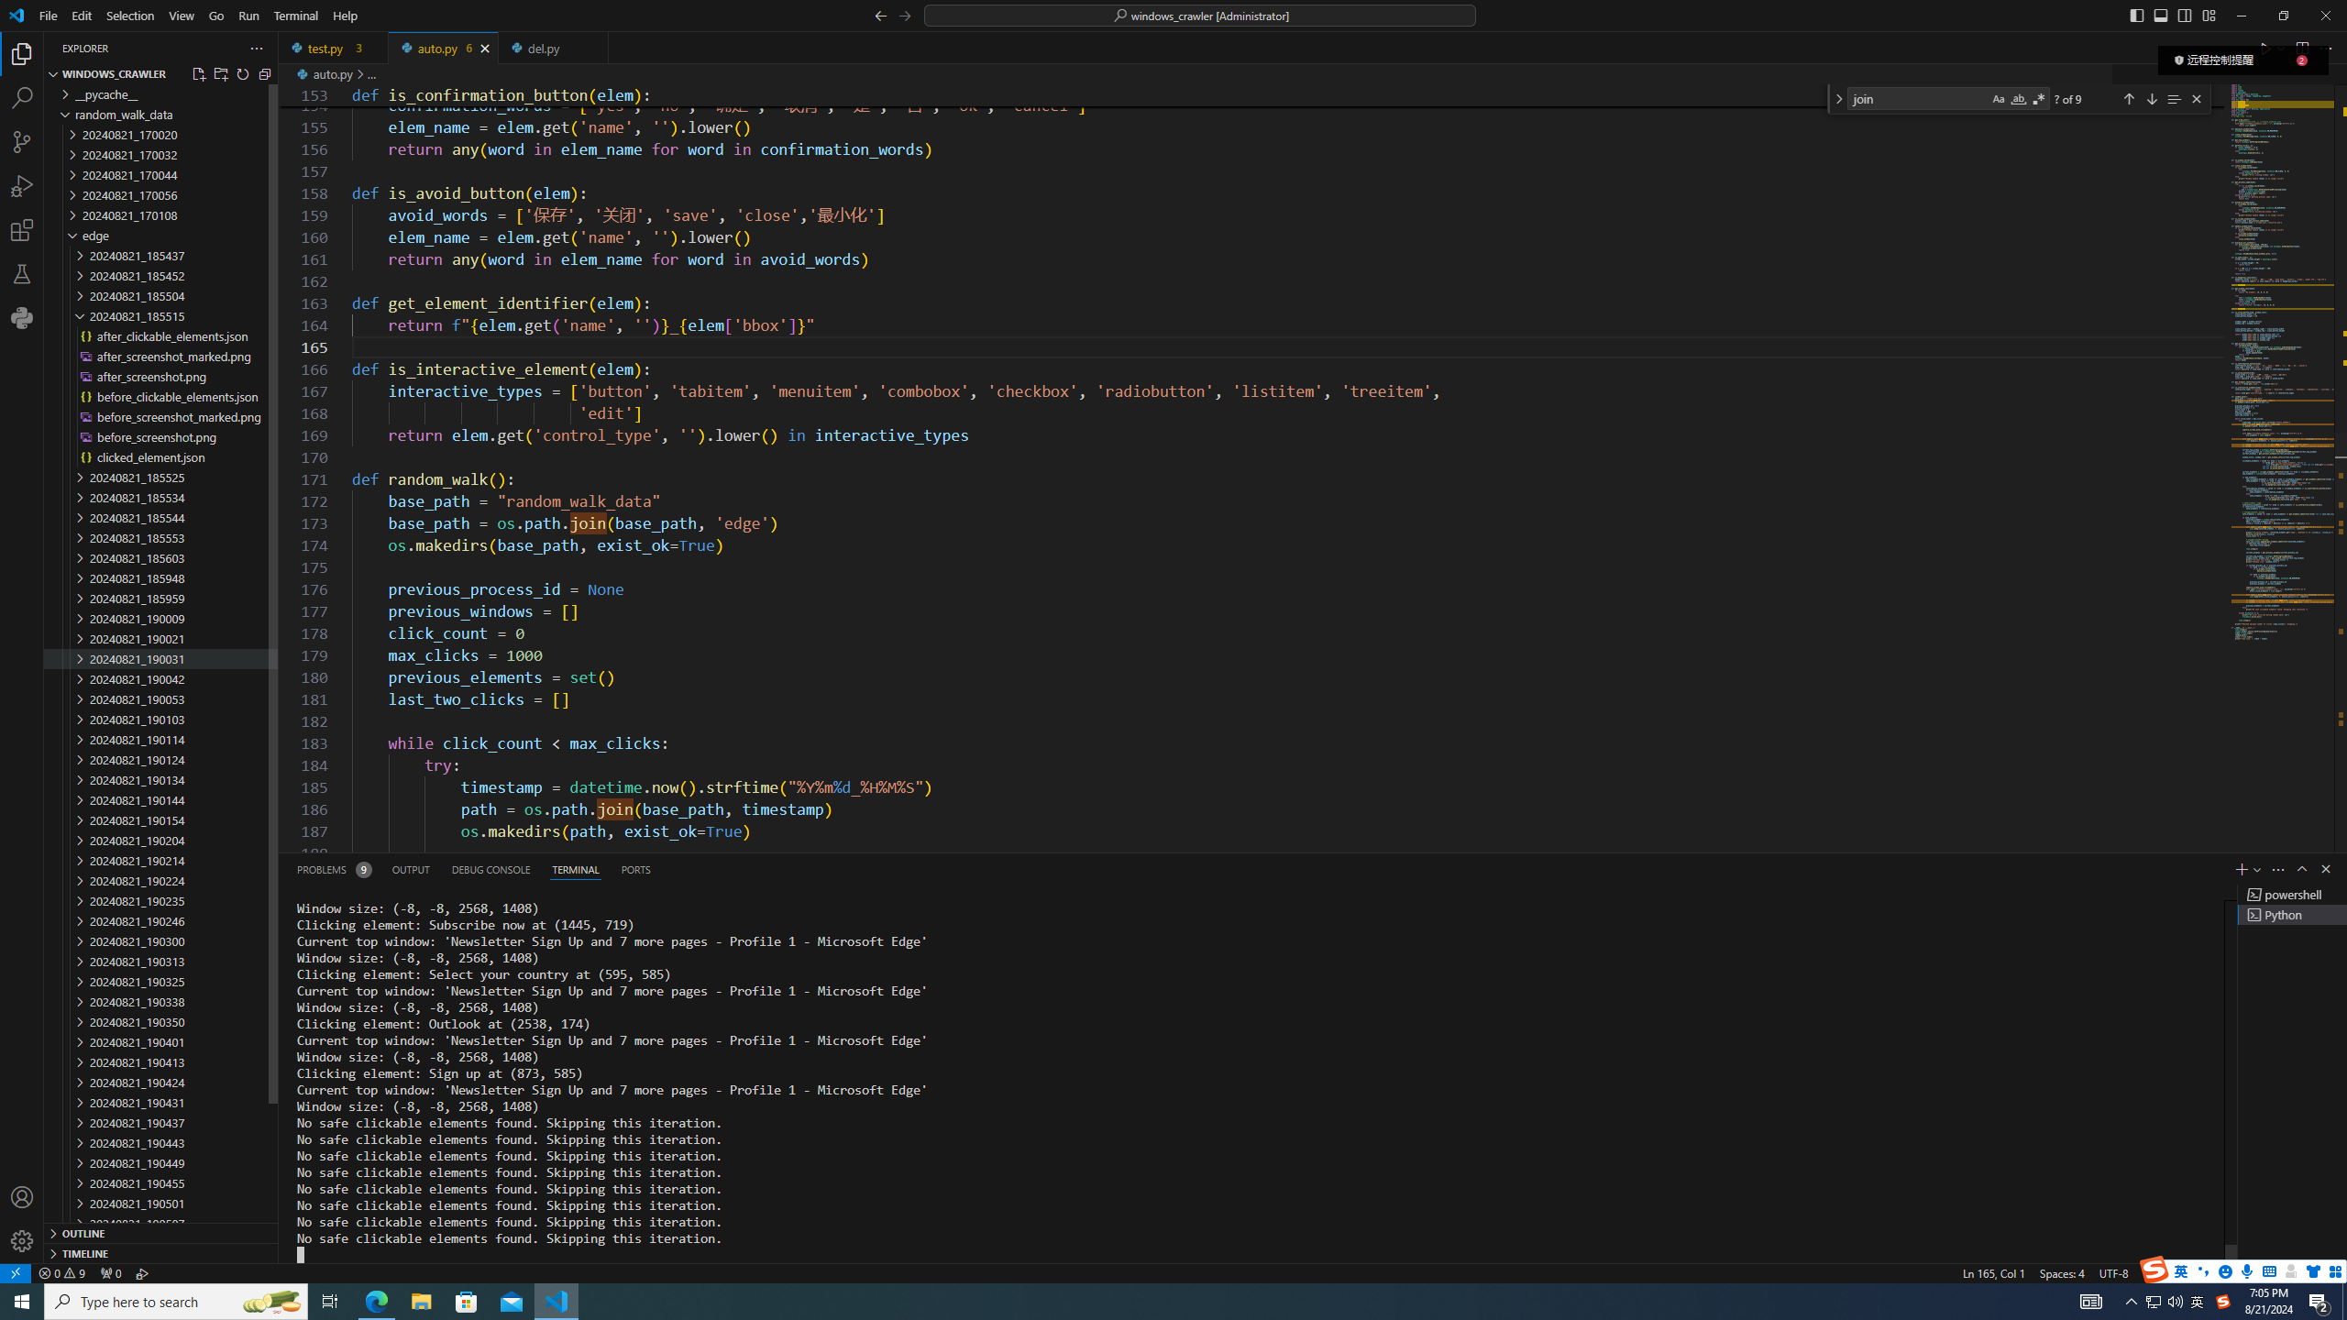 Image resolution: width=2347 pixels, height=1320 pixels. I want to click on 'Refresh Explorer', so click(242, 73).